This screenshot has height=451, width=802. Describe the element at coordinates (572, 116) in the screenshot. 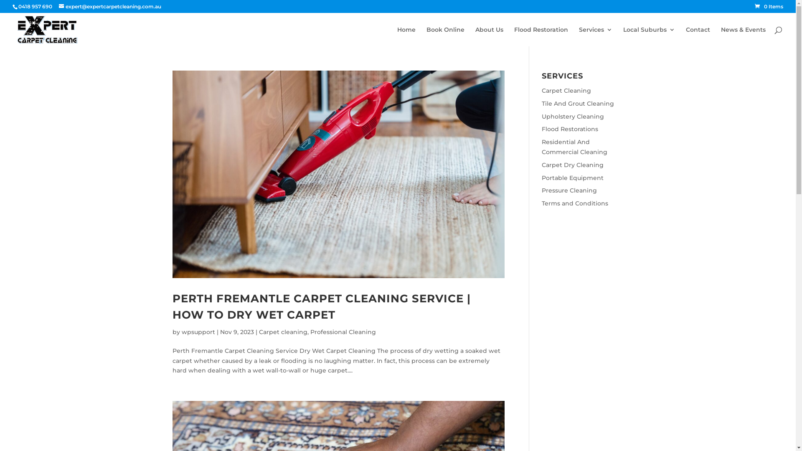

I see `'Upholstery Cleaning'` at that location.